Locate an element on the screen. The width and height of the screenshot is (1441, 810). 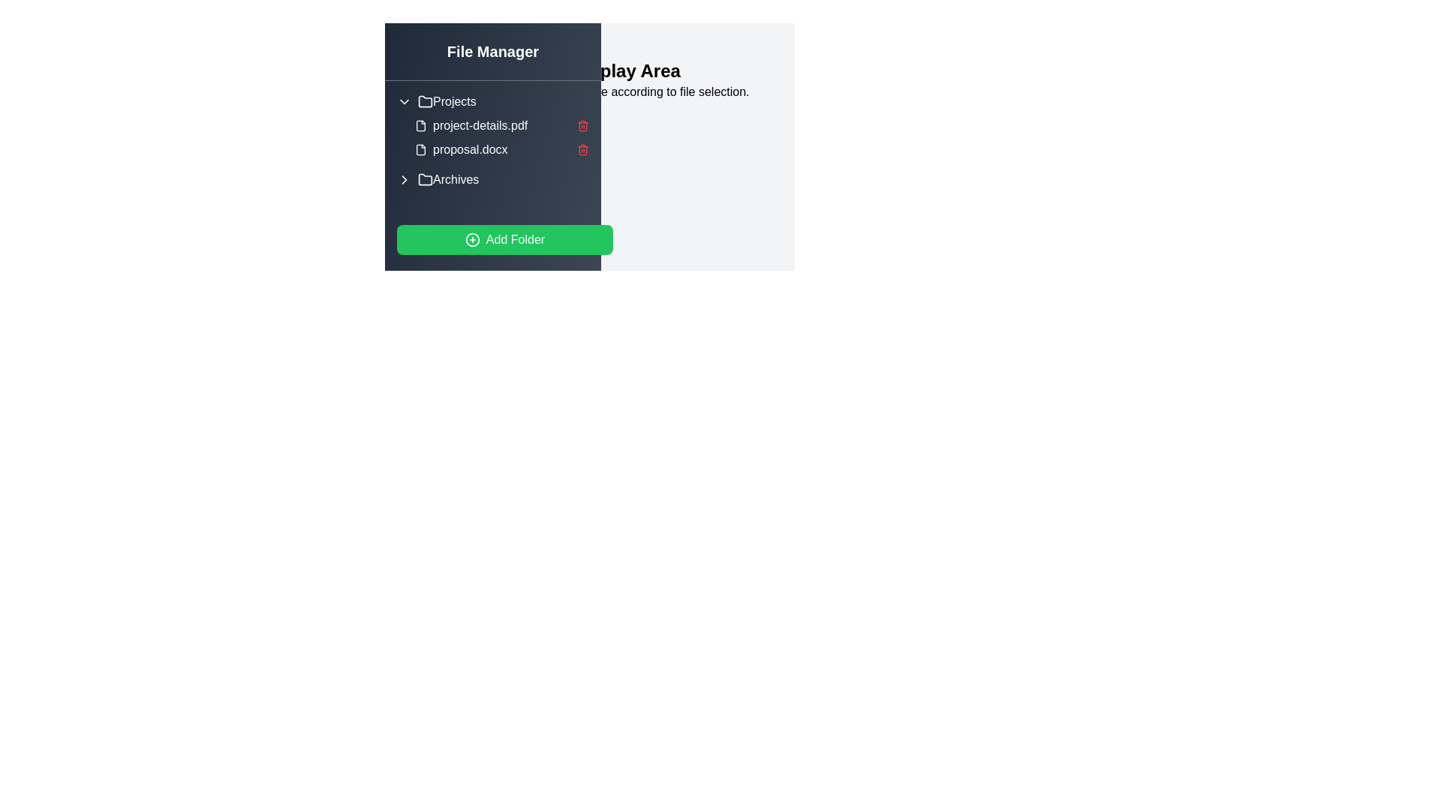
the trash bin icon located to the right of the 'proposal.docx' text under the 'Projects' folder in the file manager interface is located at coordinates (582, 150).